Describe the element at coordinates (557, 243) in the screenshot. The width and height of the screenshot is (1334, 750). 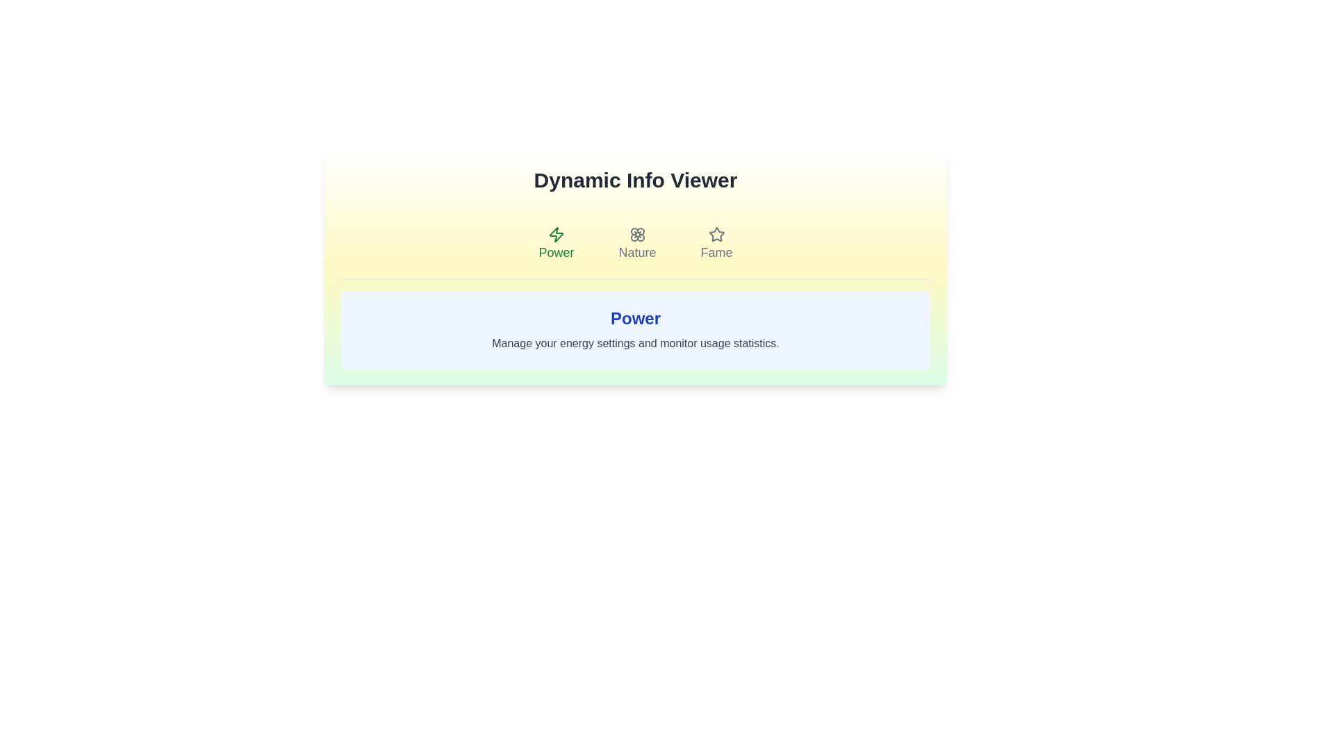
I see `the Power tab to display its related content` at that location.